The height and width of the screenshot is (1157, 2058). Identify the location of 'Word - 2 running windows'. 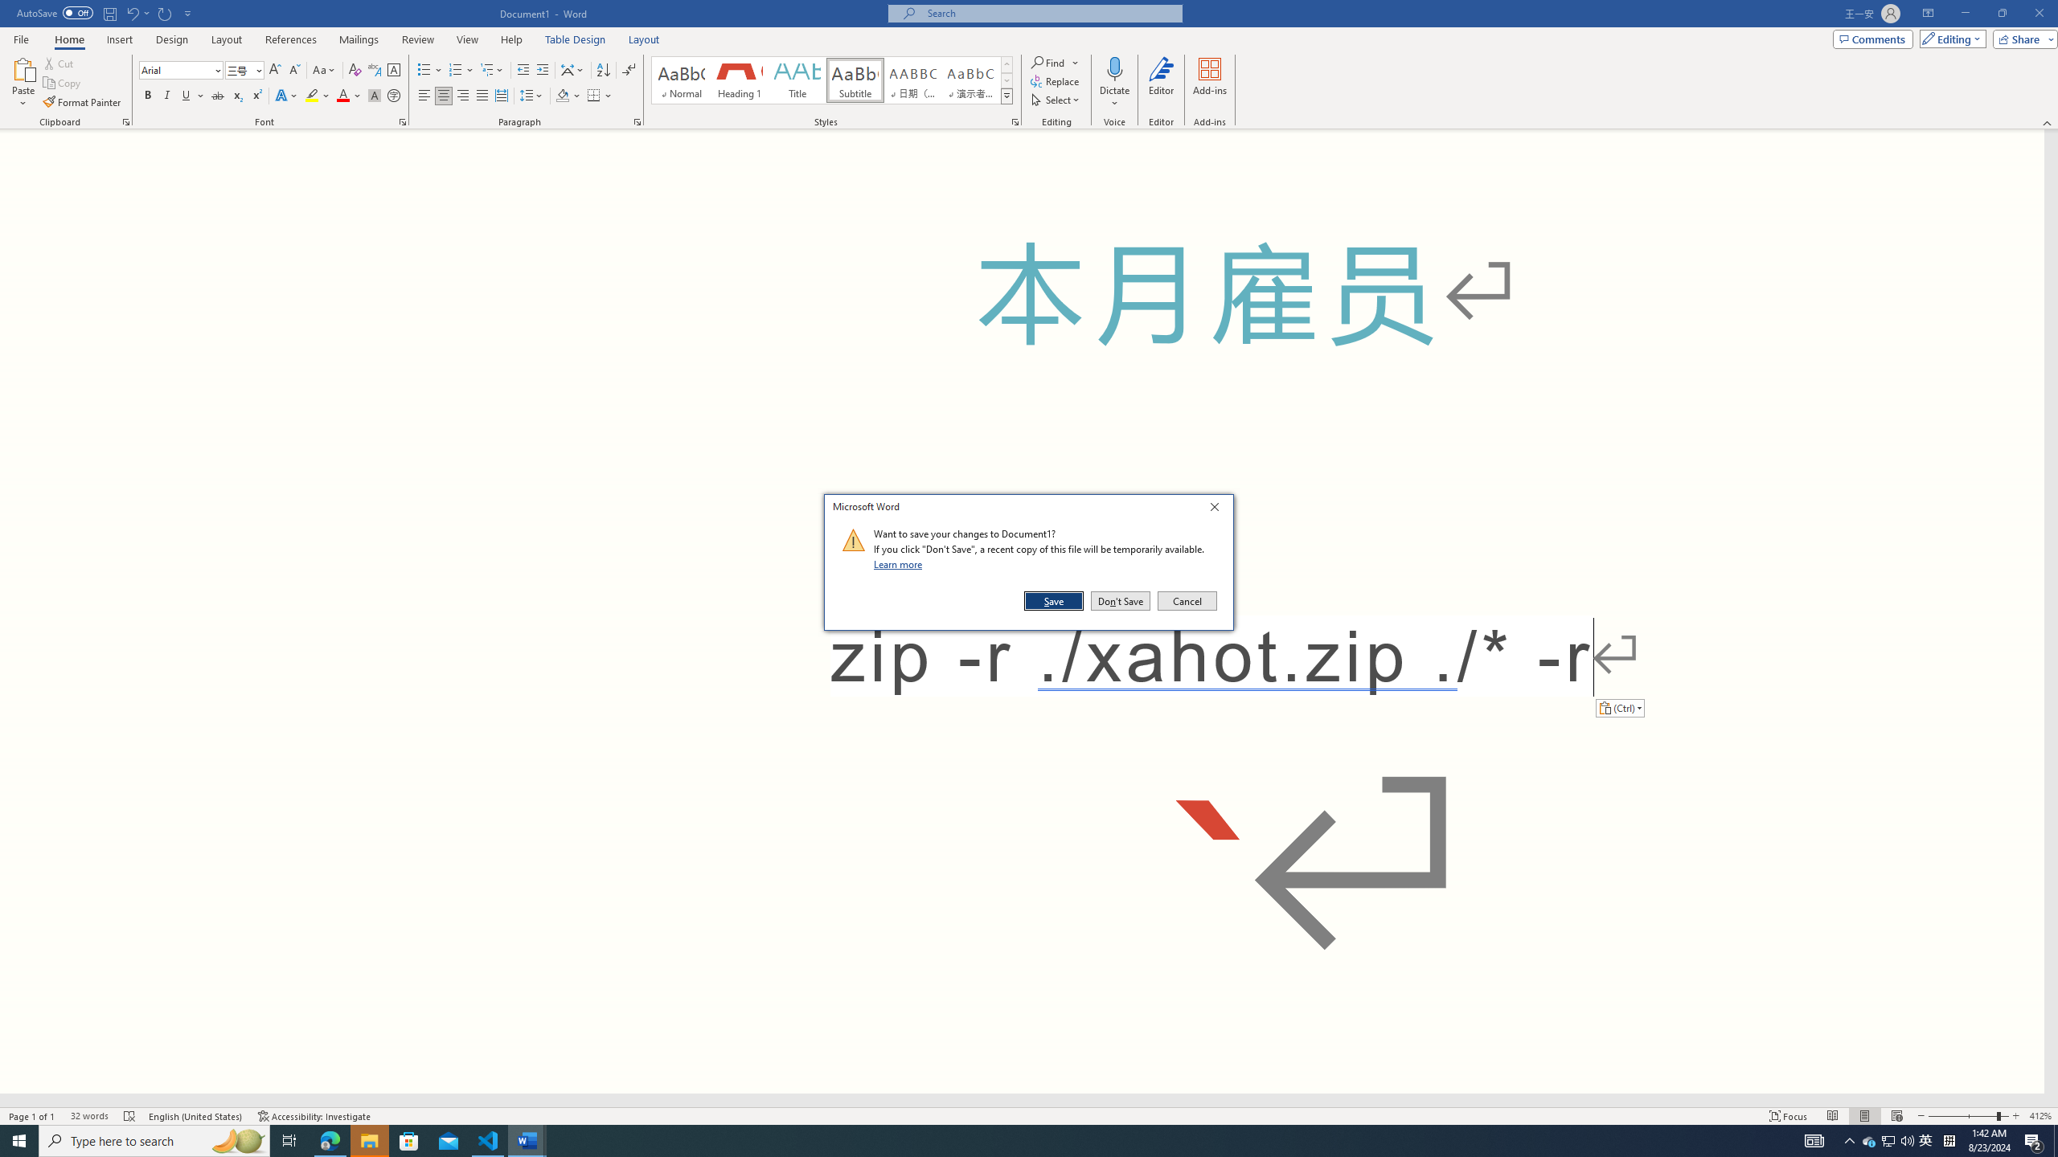
(527, 1139).